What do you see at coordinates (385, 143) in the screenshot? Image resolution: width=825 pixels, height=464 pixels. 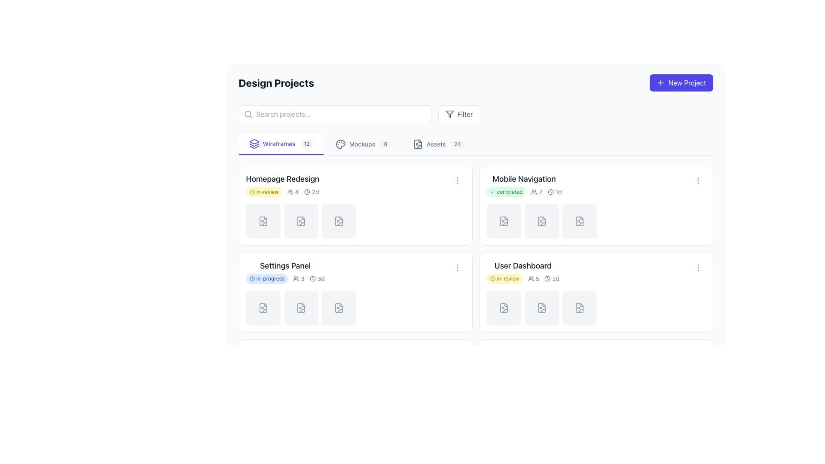 I see `the numeric value displayed on the Badge or Label next to the 'Mockups' text in the navigation bar` at bounding box center [385, 143].